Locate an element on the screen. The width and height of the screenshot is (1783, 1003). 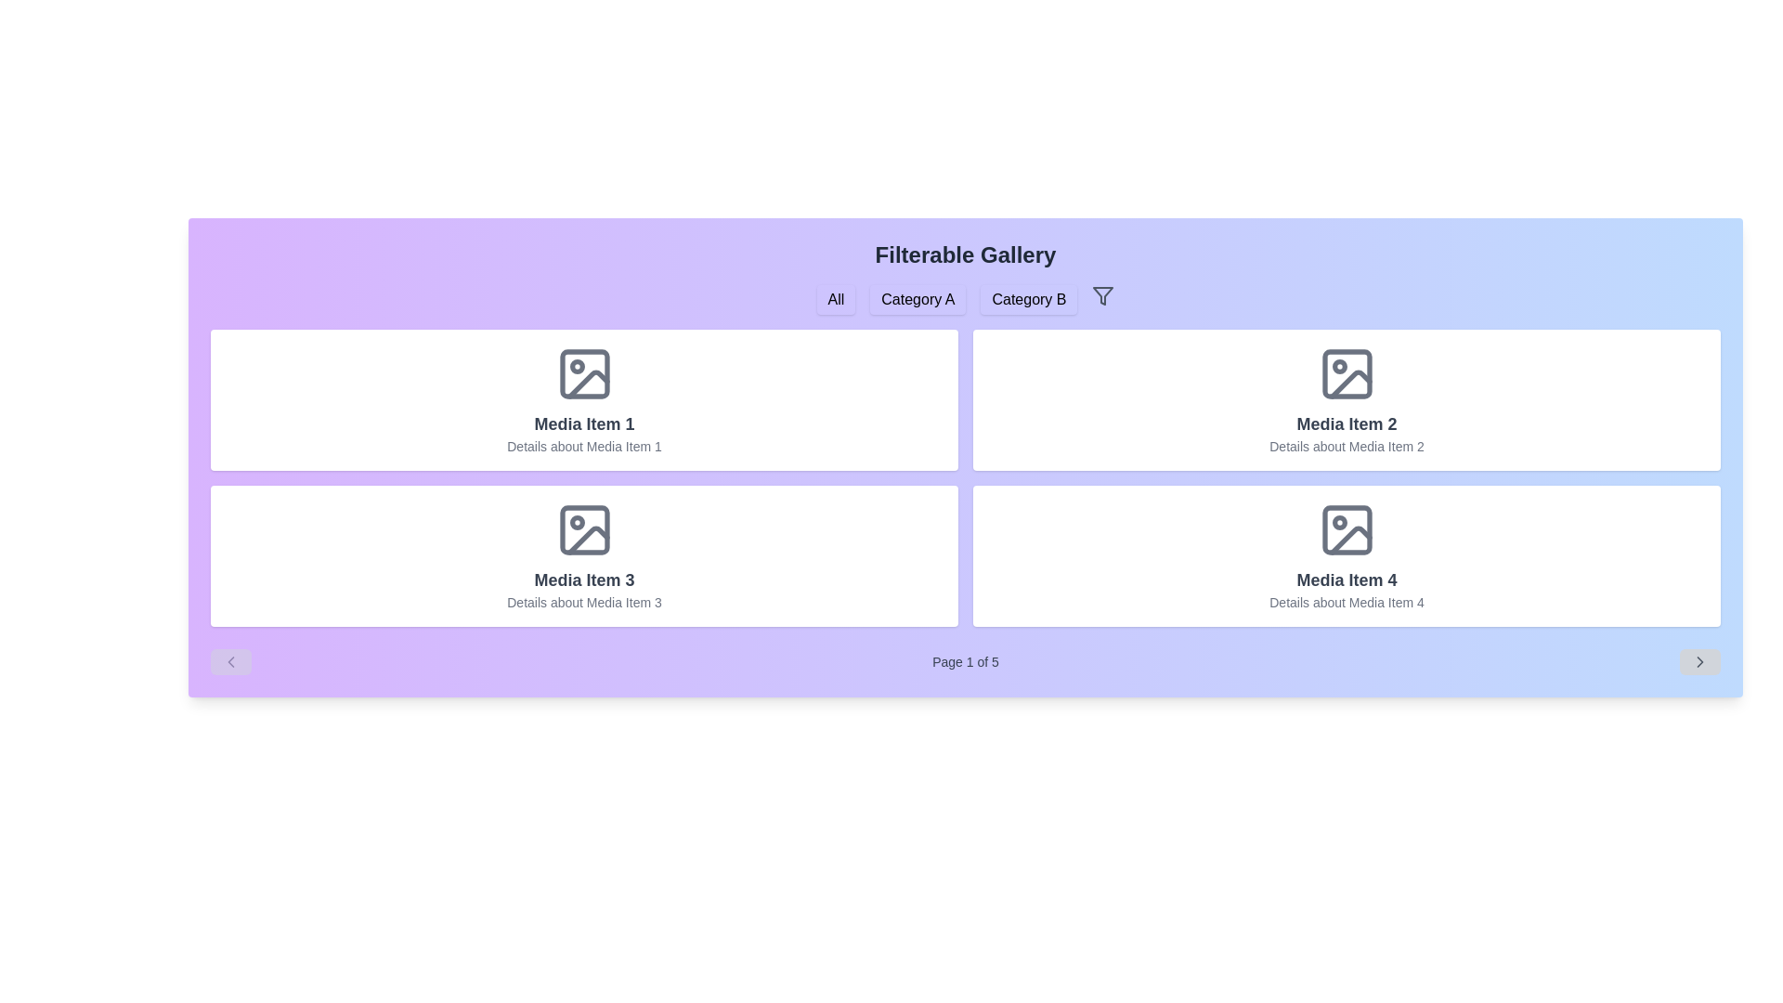
the 'Category A' button on the Interactive menu bar to filter the displayed gallery items is located at coordinates (966, 299).